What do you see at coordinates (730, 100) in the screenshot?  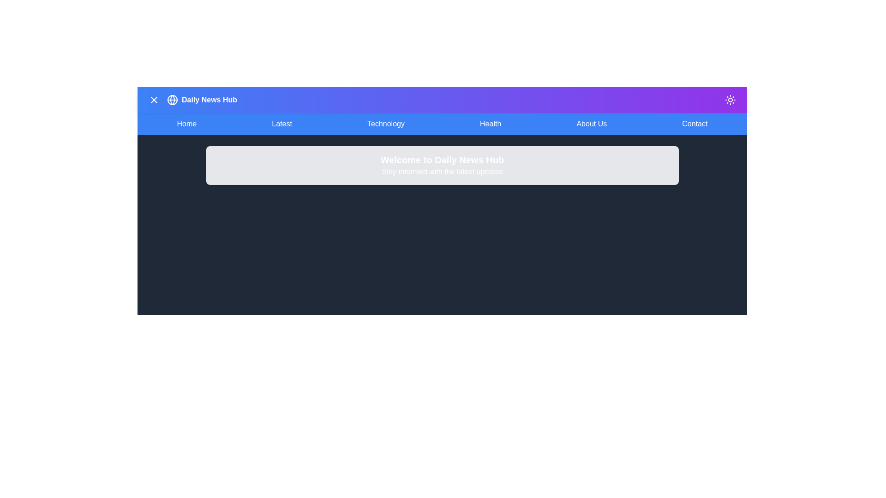 I see `the dark mode toggle button located at the top-right corner of the app bar` at bounding box center [730, 100].